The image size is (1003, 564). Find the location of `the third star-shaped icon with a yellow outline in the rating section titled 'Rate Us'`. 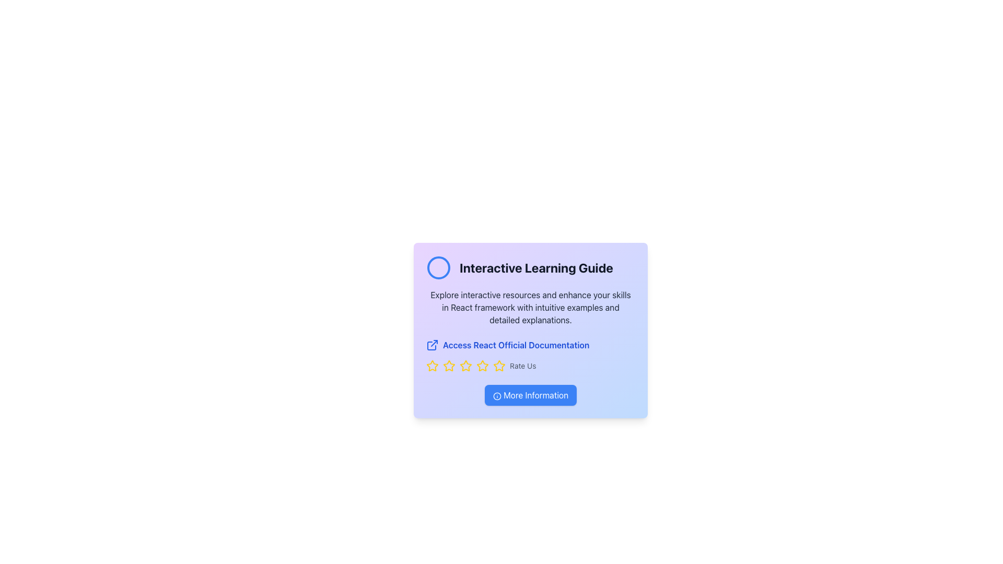

the third star-shaped icon with a yellow outline in the rating section titled 'Rate Us' is located at coordinates (449, 366).